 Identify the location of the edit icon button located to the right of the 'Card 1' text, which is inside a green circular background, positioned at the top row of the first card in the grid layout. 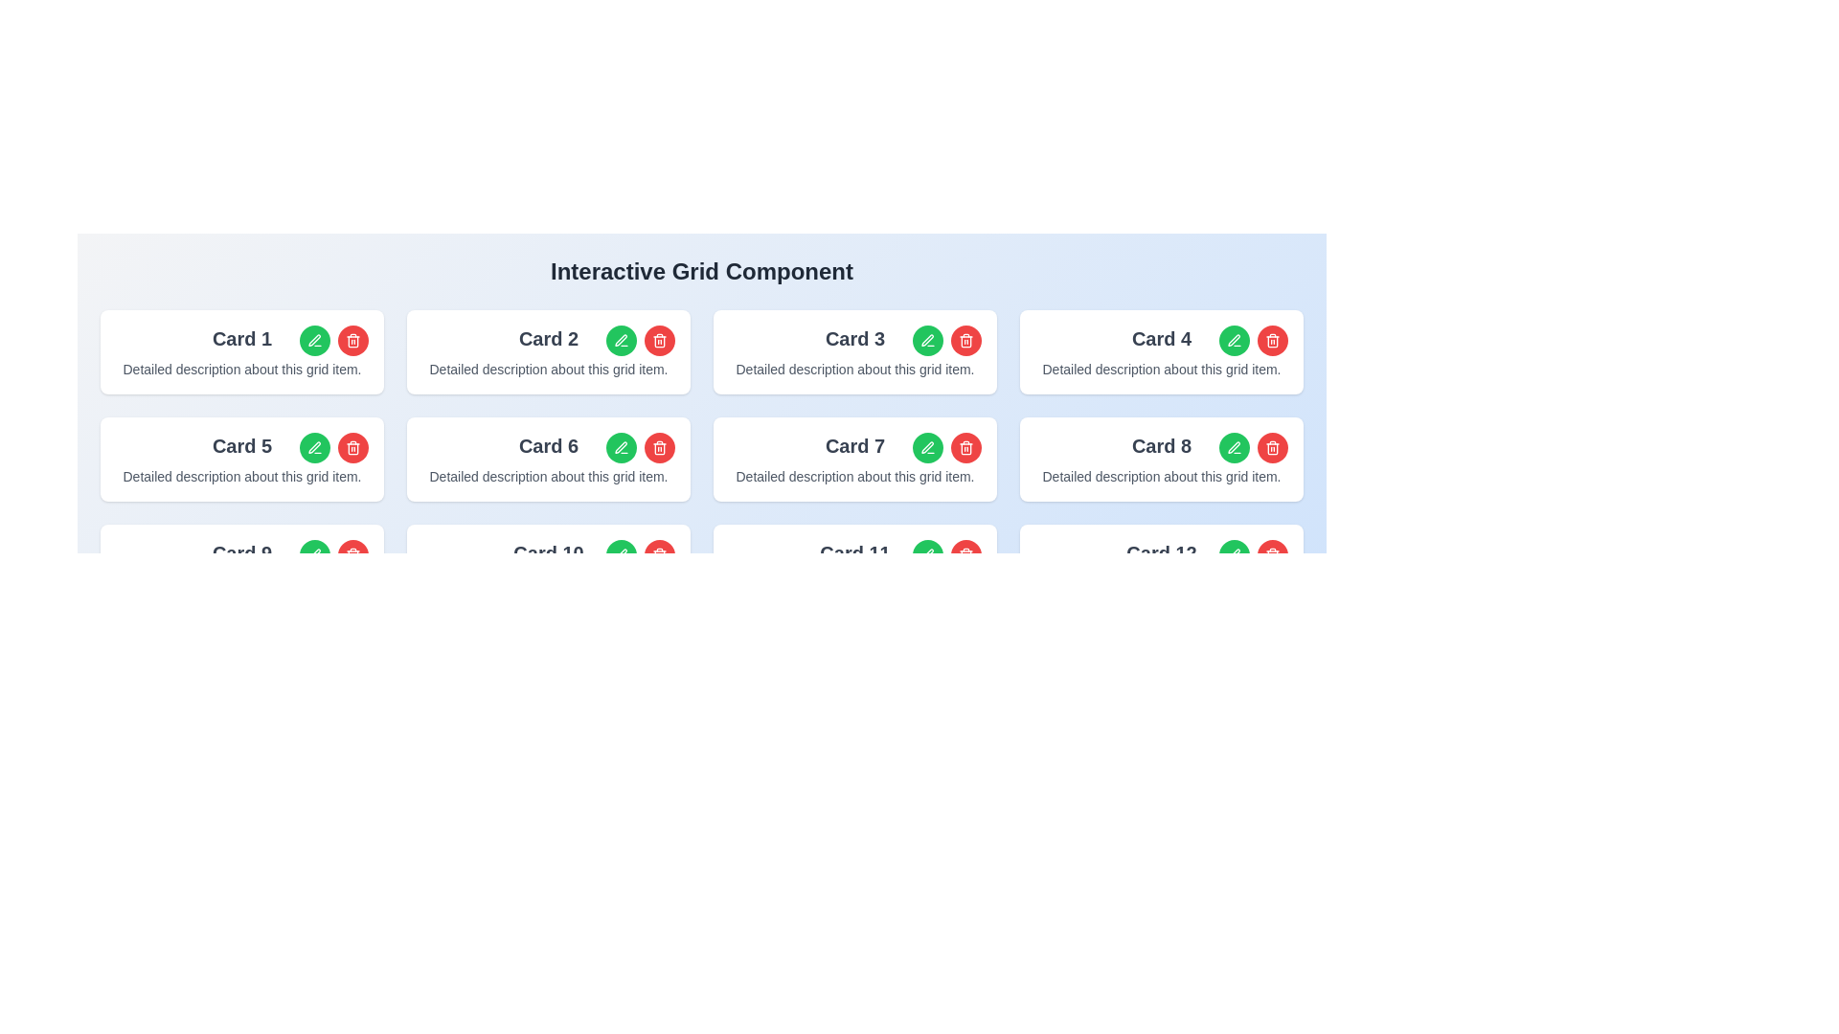
(314, 339).